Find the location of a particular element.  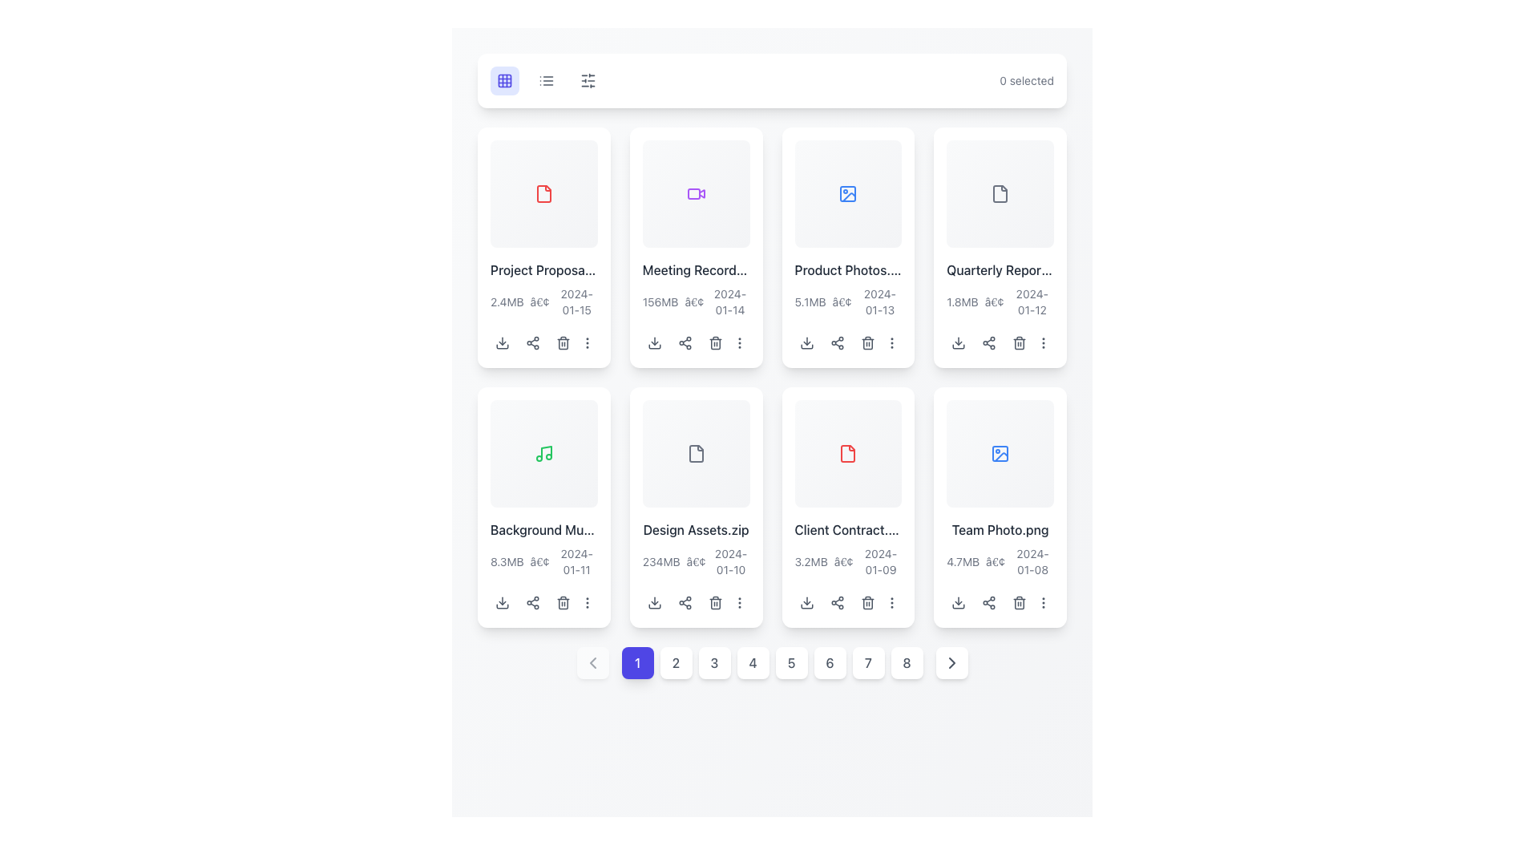

the seventh button in the horizontal sequence is located at coordinates (867, 662).